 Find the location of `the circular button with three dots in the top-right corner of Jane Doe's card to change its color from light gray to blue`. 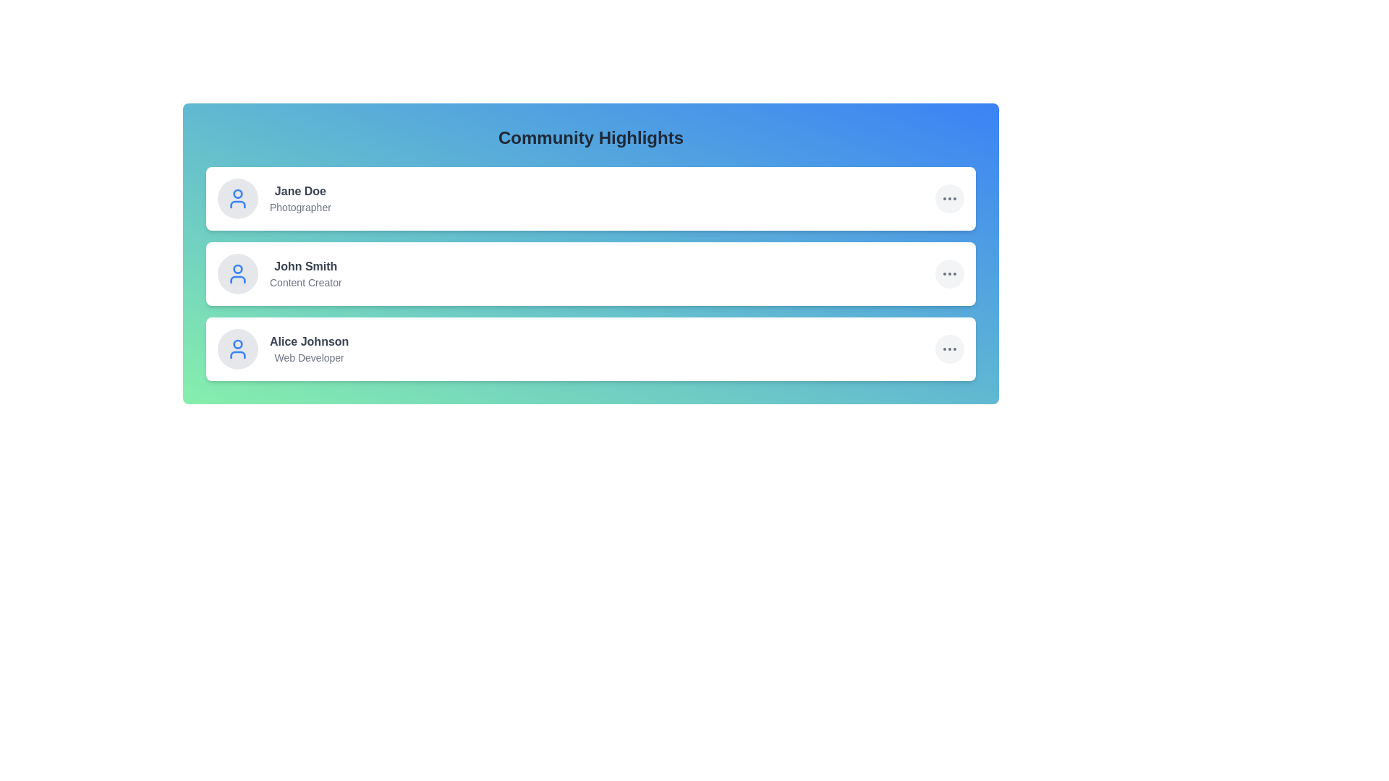

the circular button with three dots in the top-right corner of Jane Doe's card to change its color from light gray to blue is located at coordinates (950, 198).